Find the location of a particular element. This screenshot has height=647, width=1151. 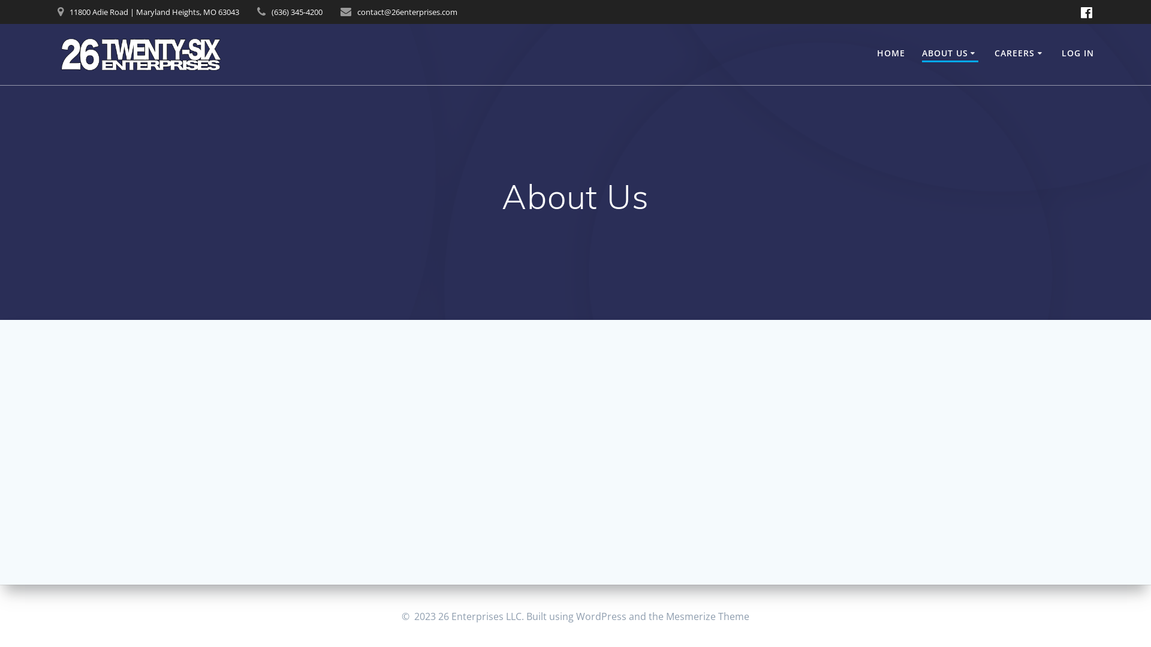

'CAREERS' is located at coordinates (1019, 52).